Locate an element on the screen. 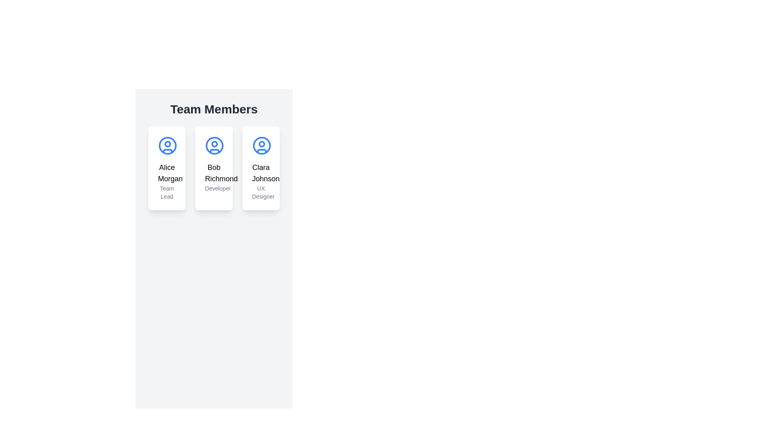 The height and width of the screenshot is (436, 776). the blue circular outline with a smaller white circle at its center, representing the user icon for 'Bob Richmond' is located at coordinates (215, 146).